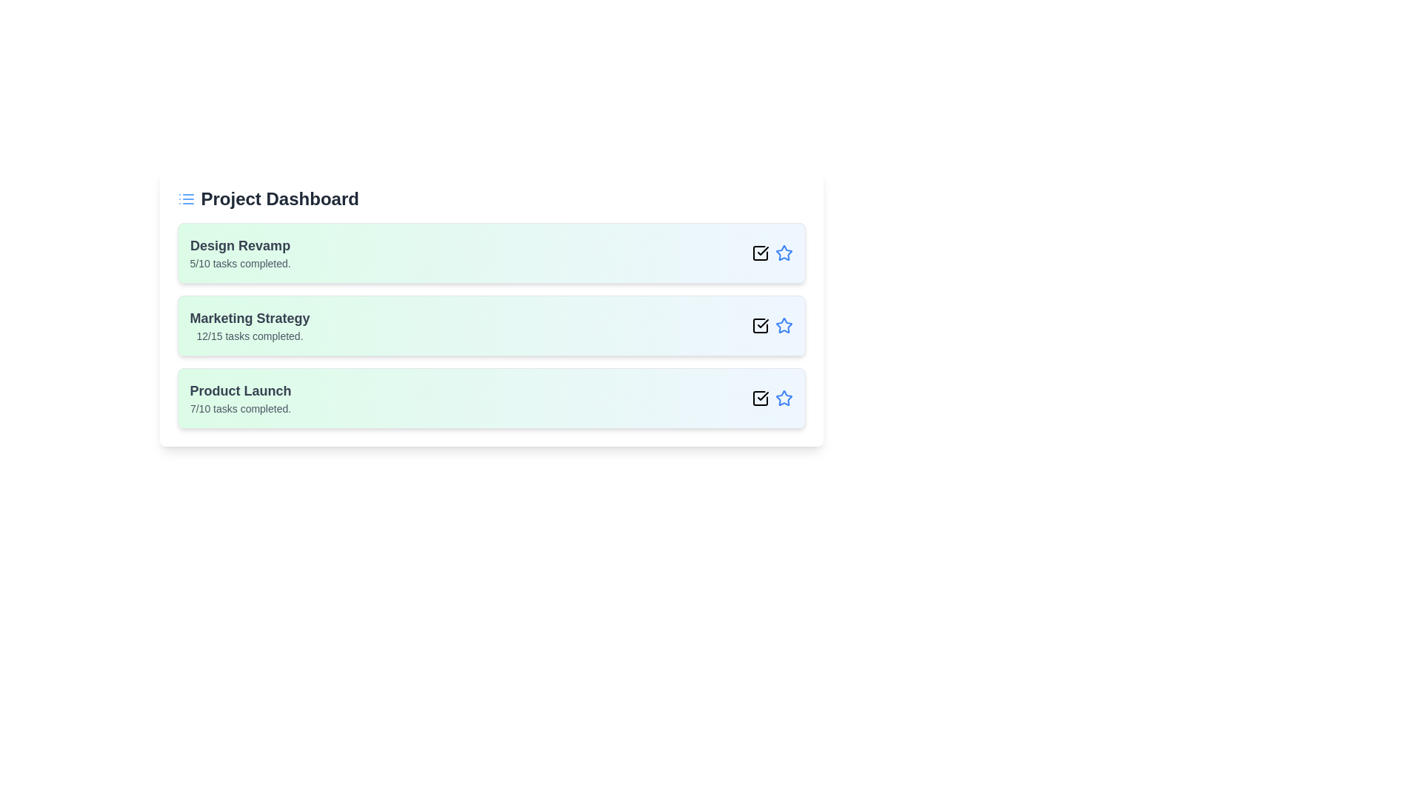 Image resolution: width=1422 pixels, height=800 pixels. Describe the element at coordinates (491, 253) in the screenshot. I see `the project item Design Revamp to select it` at that location.